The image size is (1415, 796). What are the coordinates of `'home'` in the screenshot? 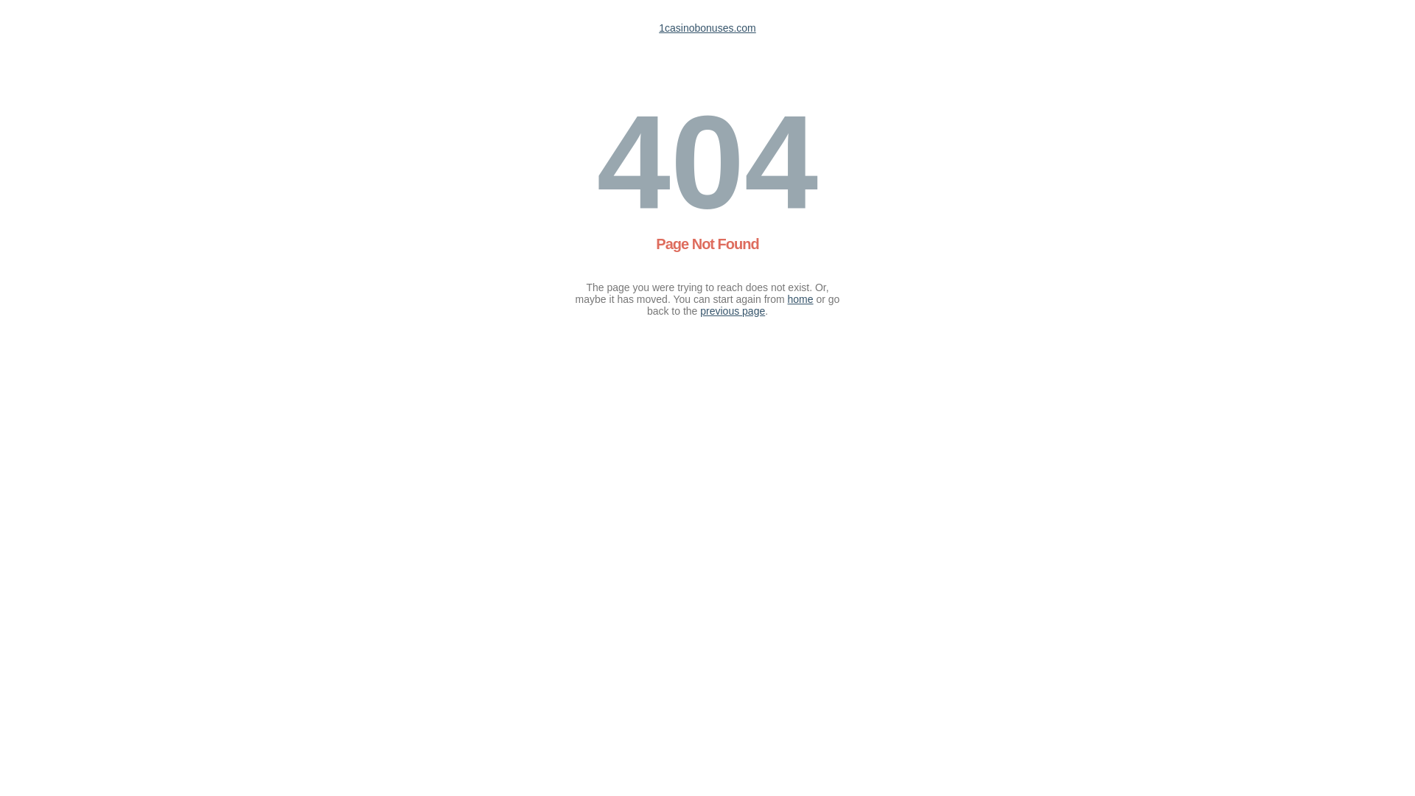 It's located at (787, 298).